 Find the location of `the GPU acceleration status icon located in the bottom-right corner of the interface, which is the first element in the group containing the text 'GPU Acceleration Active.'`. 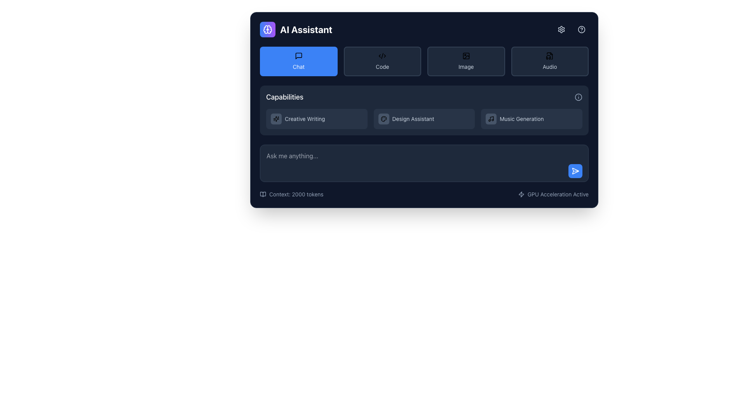

the GPU acceleration status icon located in the bottom-right corner of the interface, which is the first element in the group containing the text 'GPU Acceleration Active.' is located at coordinates (521, 194).